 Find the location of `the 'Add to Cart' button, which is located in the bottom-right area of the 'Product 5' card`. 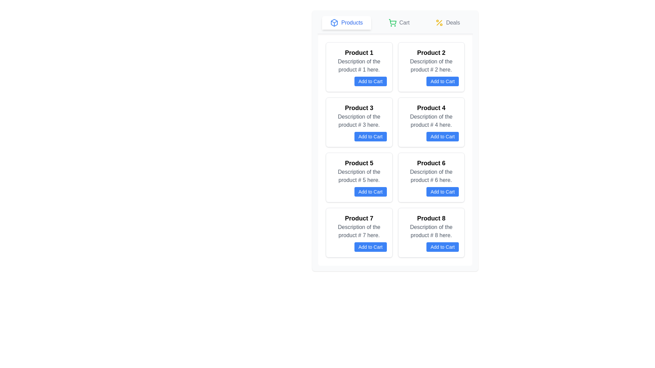

the 'Add to Cart' button, which is located in the bottom-right area of the 'Product 5' card is located at coordinates (359, 192).